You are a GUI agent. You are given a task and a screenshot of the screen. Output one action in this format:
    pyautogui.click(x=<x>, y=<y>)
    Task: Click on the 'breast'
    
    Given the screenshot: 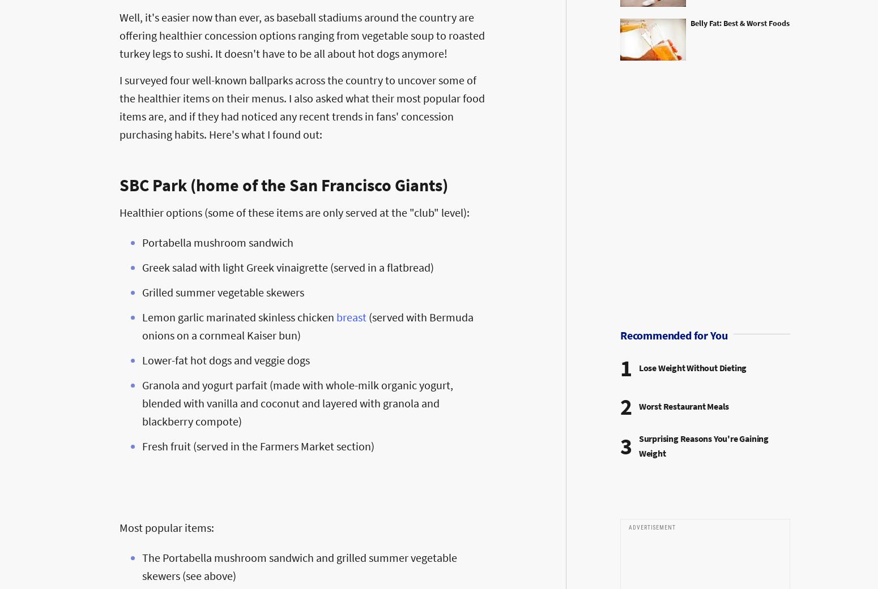 What is the action you would take?
    pyautogui.click(x=336, y=316)
    